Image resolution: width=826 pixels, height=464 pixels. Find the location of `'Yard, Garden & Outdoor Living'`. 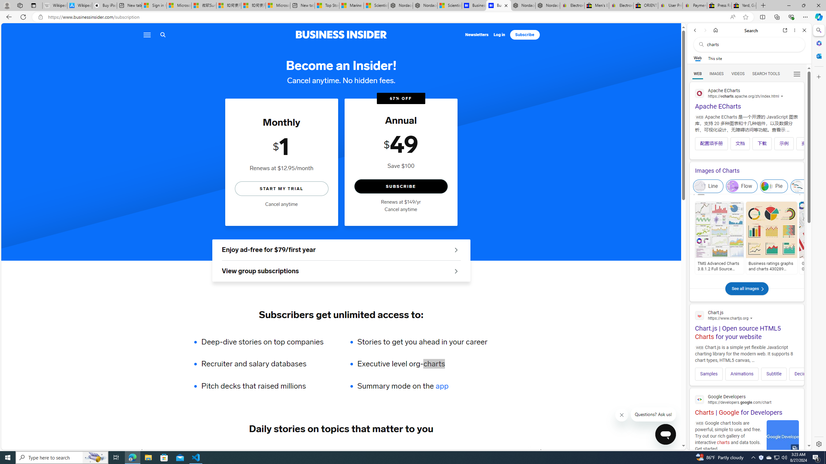

'Yard, Garden & Outdoor Living' is located at coordinates (743, 5).